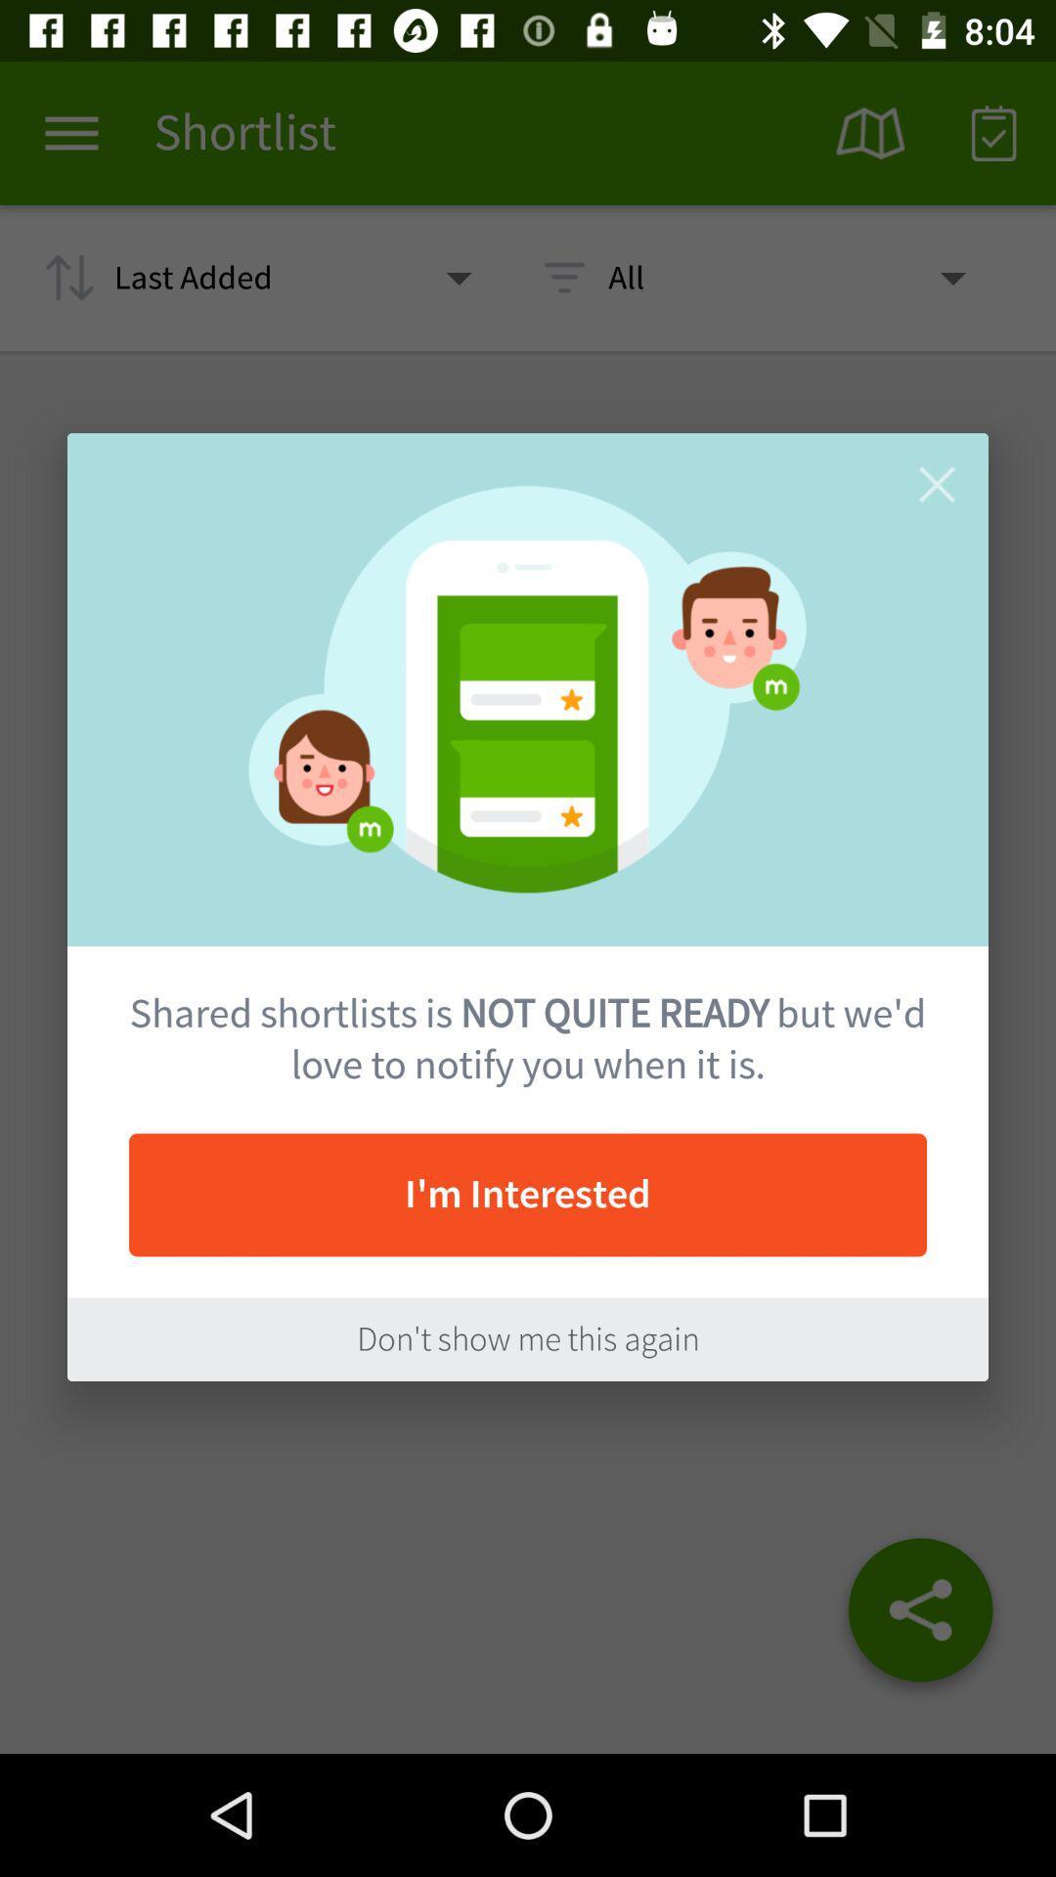  I want to click on the item below i'm interested item, so click(528, 1338).